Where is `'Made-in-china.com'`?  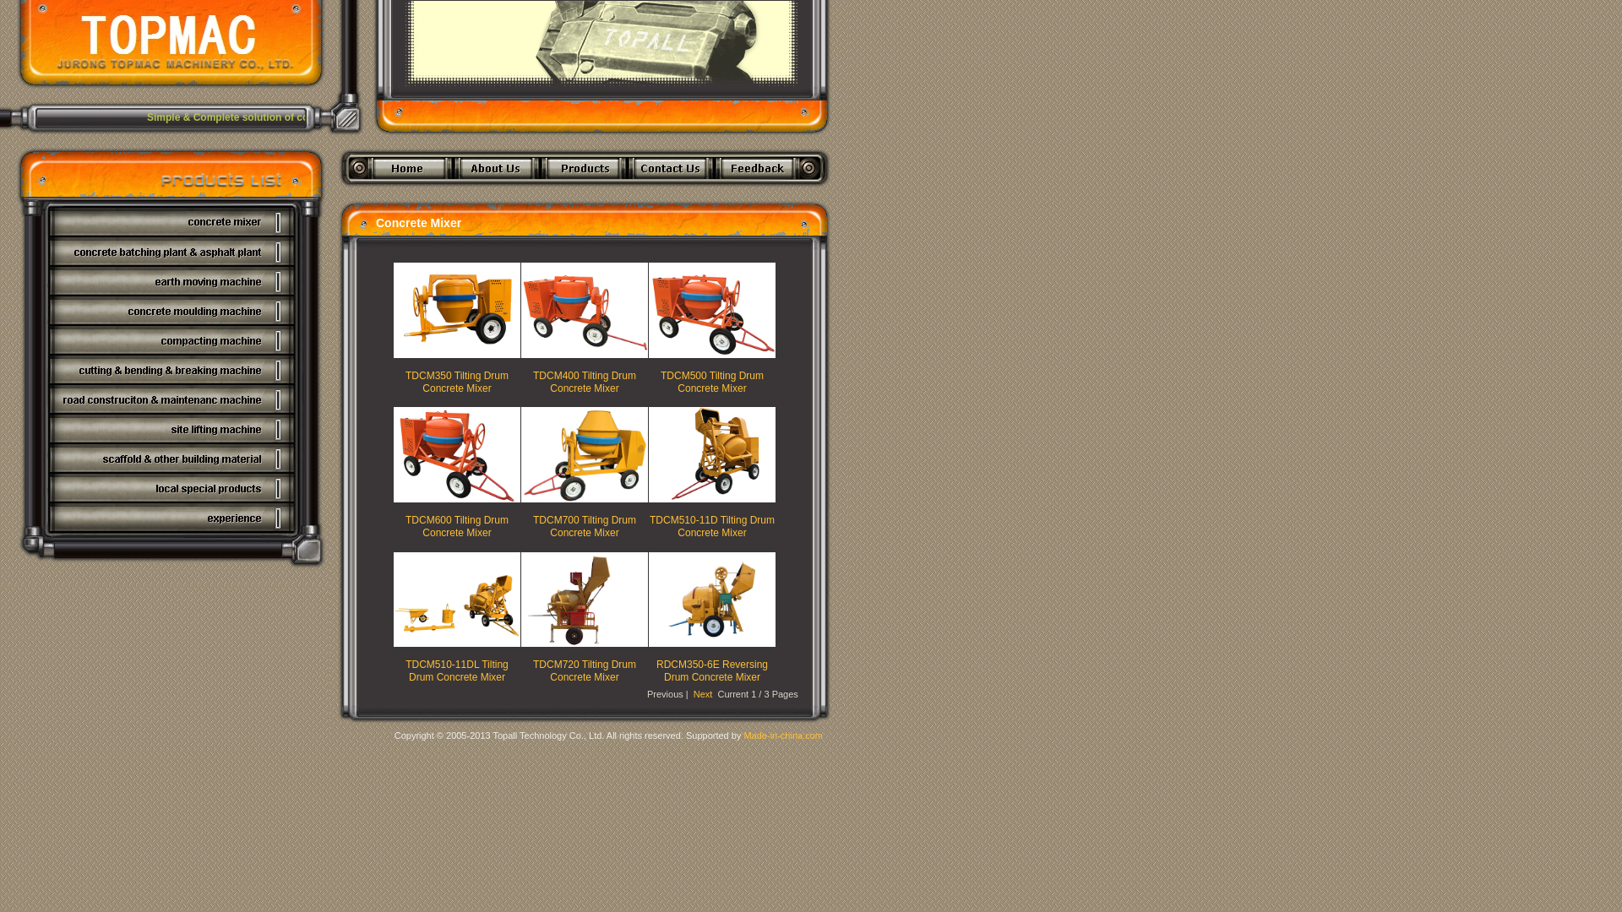 'Made-in-china.com' is located at coordinates (781, 735).